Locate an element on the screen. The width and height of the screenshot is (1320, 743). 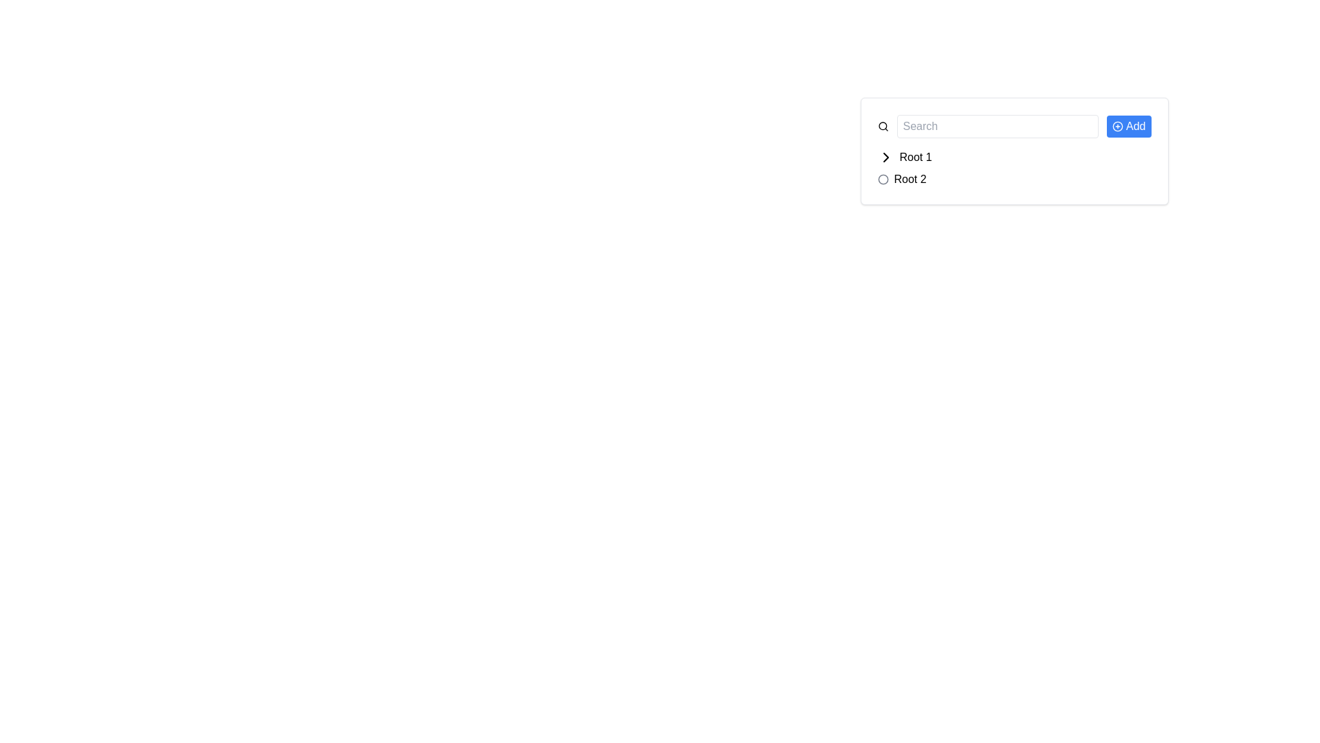
the blue 'Add' button with rounded corners and a plus sign icon on the far right of the horizontal toolbar is located at coordinates (1129, 127).